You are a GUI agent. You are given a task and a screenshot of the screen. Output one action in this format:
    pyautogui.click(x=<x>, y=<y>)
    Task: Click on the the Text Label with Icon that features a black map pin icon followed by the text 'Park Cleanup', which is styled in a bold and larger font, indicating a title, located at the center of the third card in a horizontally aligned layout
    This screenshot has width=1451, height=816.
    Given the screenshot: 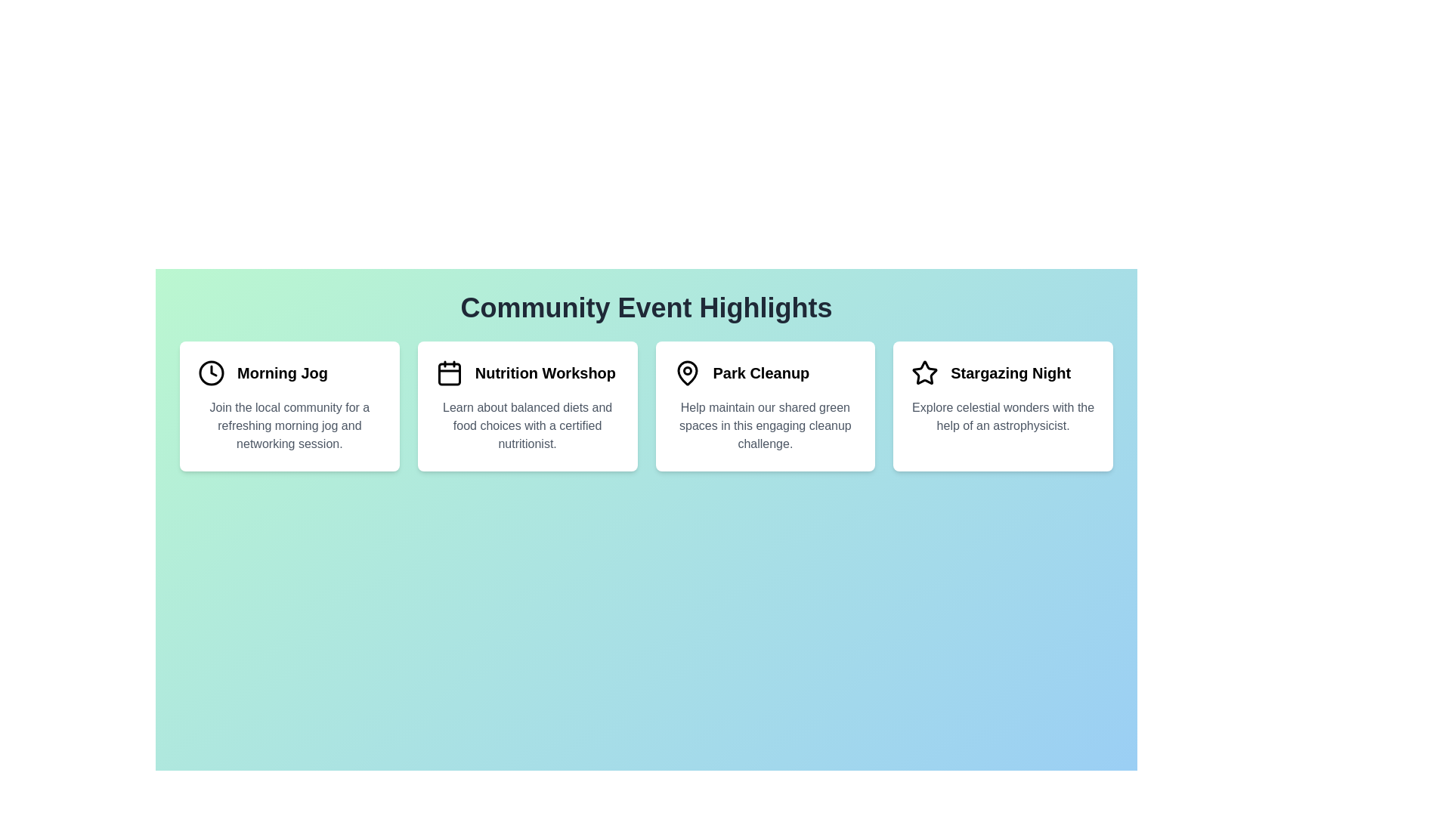 What is the action you would take?
    pyautogui.click(x=765, y=372)
    